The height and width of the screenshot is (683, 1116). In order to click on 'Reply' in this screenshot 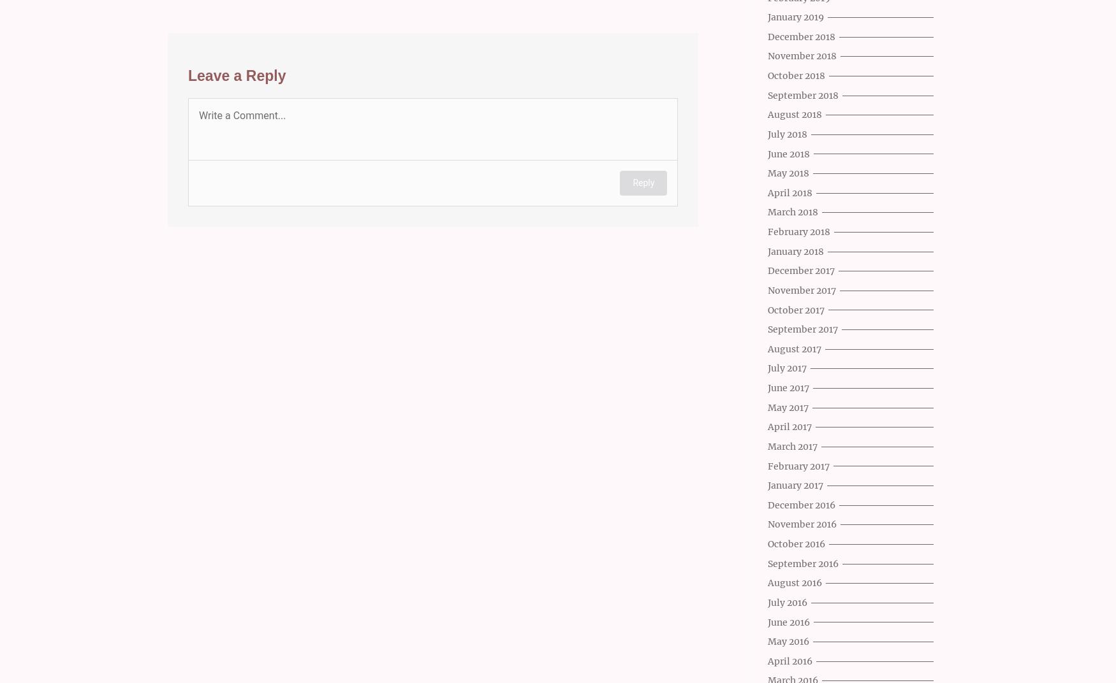, I will do `click(643, 182)`.